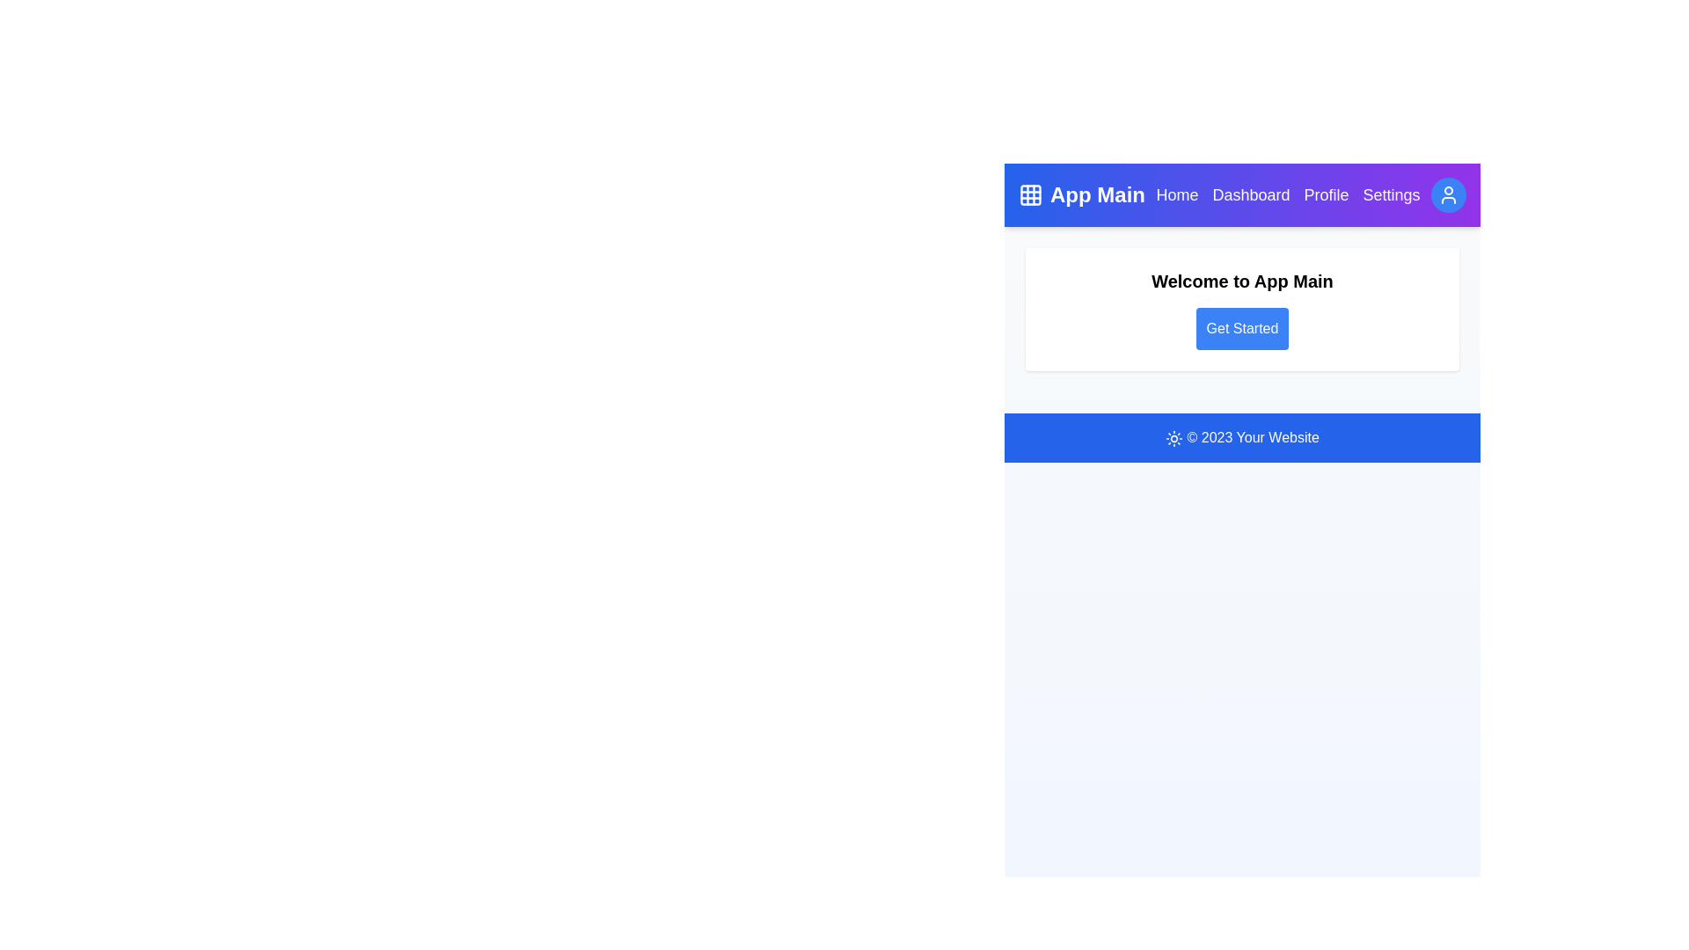 The image size is (1689, 950). I want to click on the user profile button located at the top-right corner of the app bar, so click(1448, 195).